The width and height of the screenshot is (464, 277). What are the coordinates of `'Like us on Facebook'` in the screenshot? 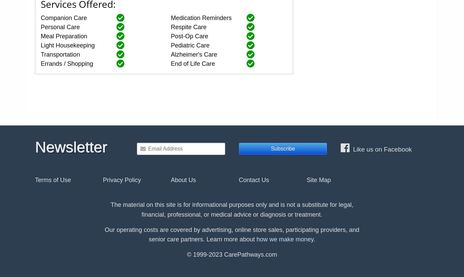 It's located at (380, 149).